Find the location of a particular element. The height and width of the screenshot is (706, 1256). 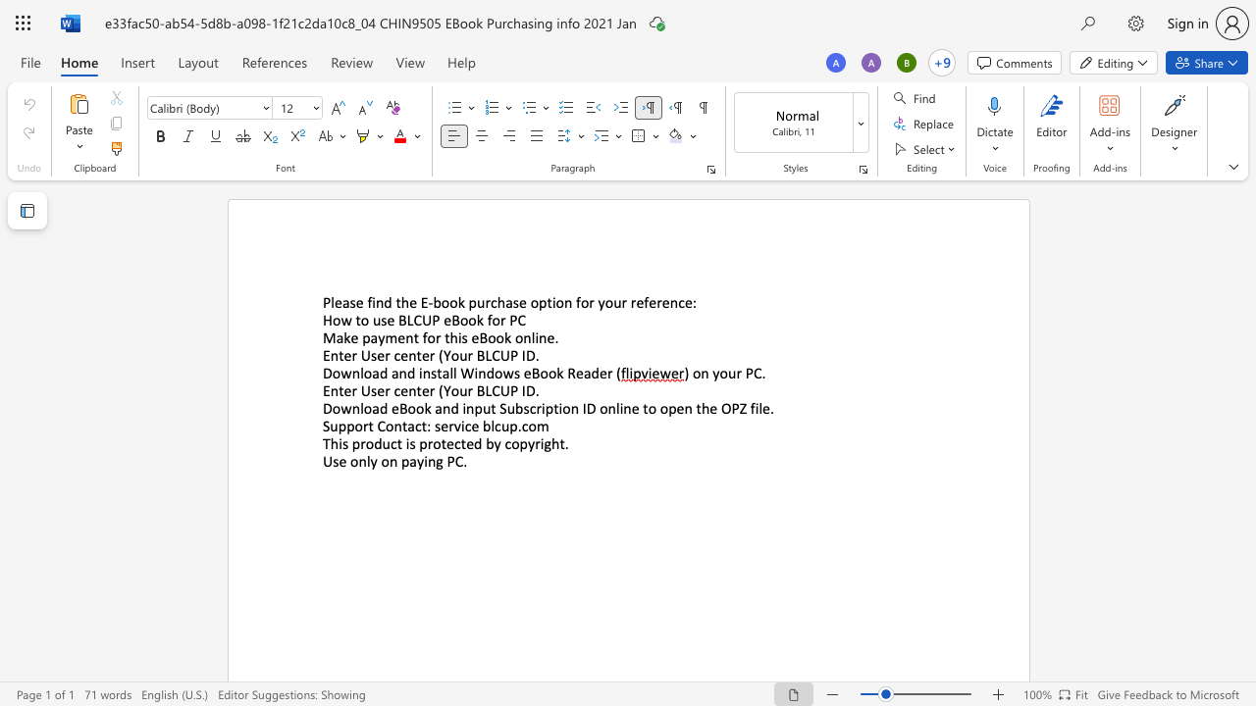

the space between the continuous character "e" and "a" in the text is located at coordinates (582, 373).